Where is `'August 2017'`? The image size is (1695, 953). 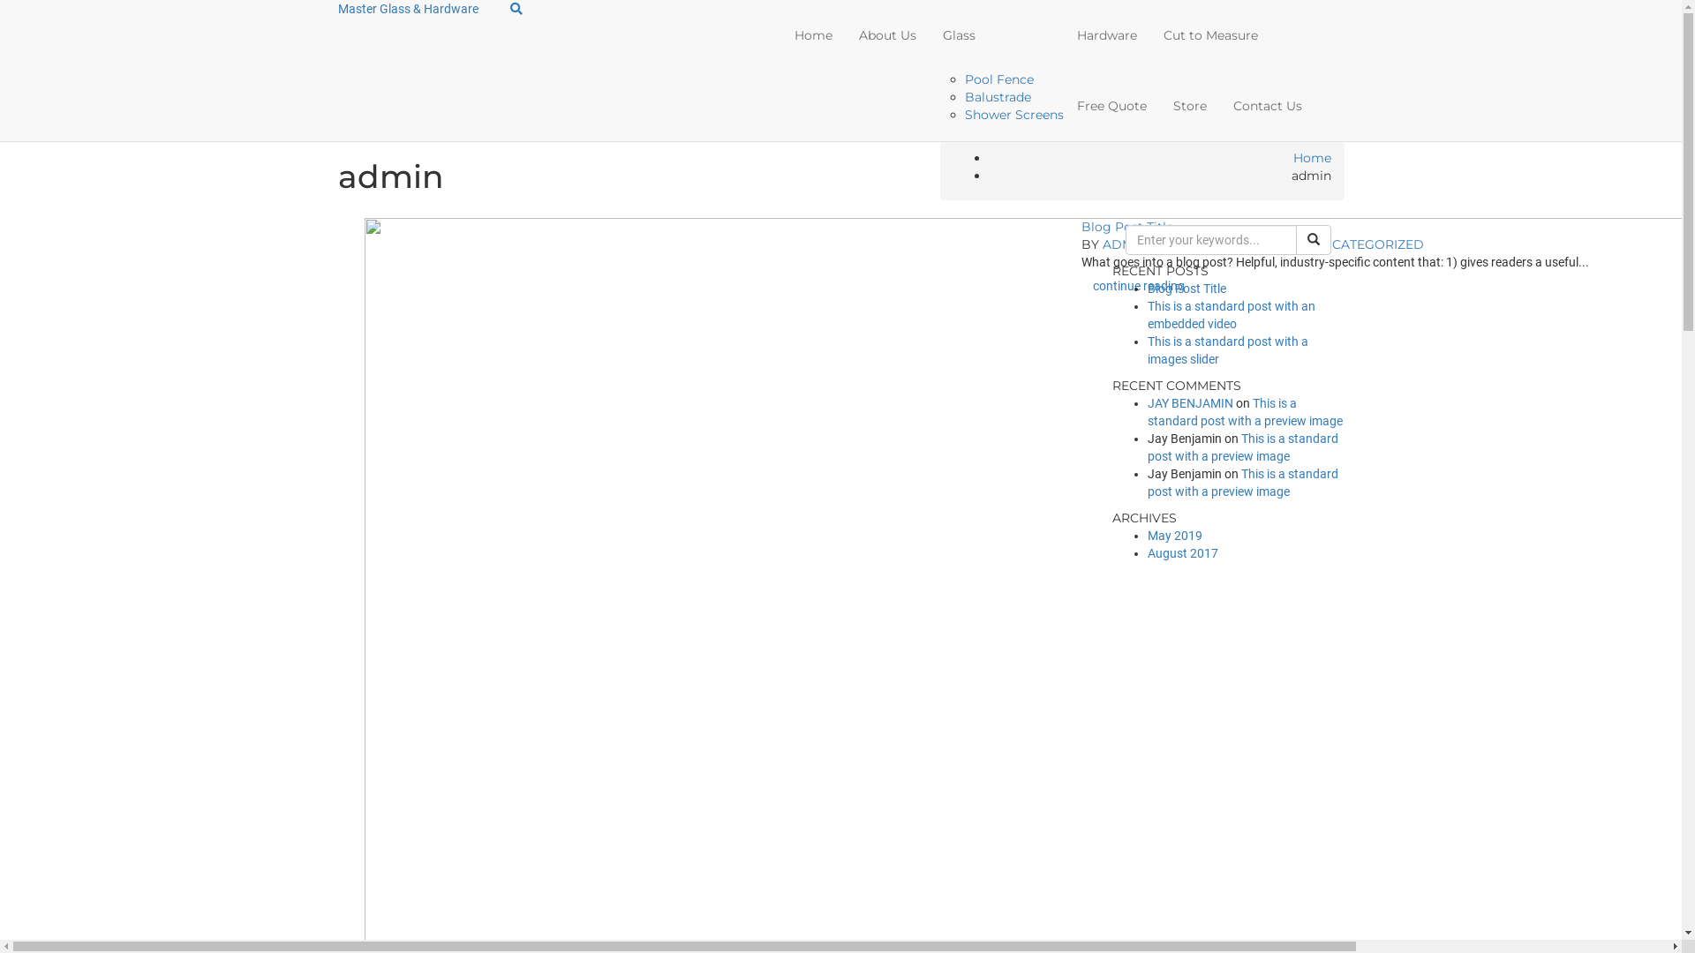 'August 2017' is located at coordinates (1182, 552).